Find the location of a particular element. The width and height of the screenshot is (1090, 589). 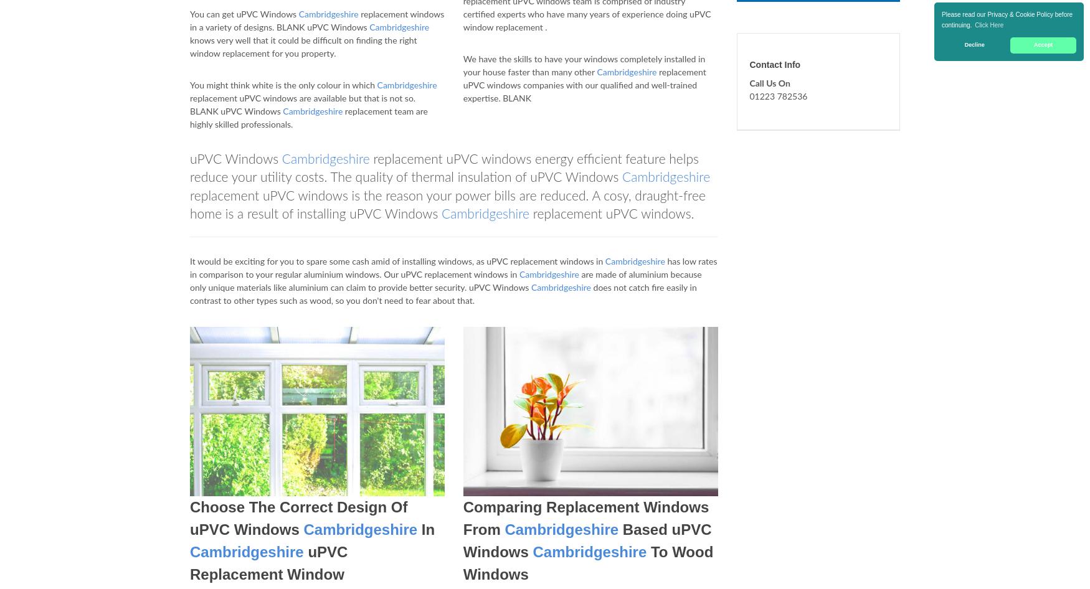

'knows very well that it could be difficult on finding the right window replacement for you property.' is located at coordinates (189, 47).